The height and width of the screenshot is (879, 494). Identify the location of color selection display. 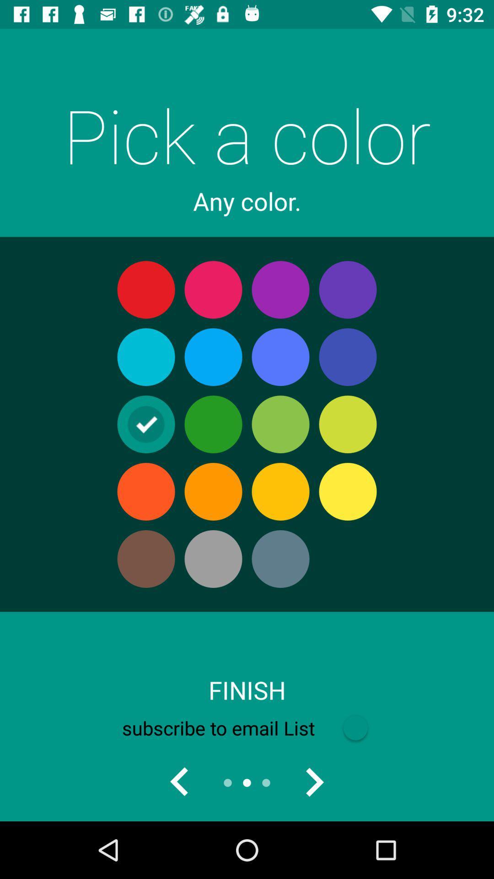
(313, 782).